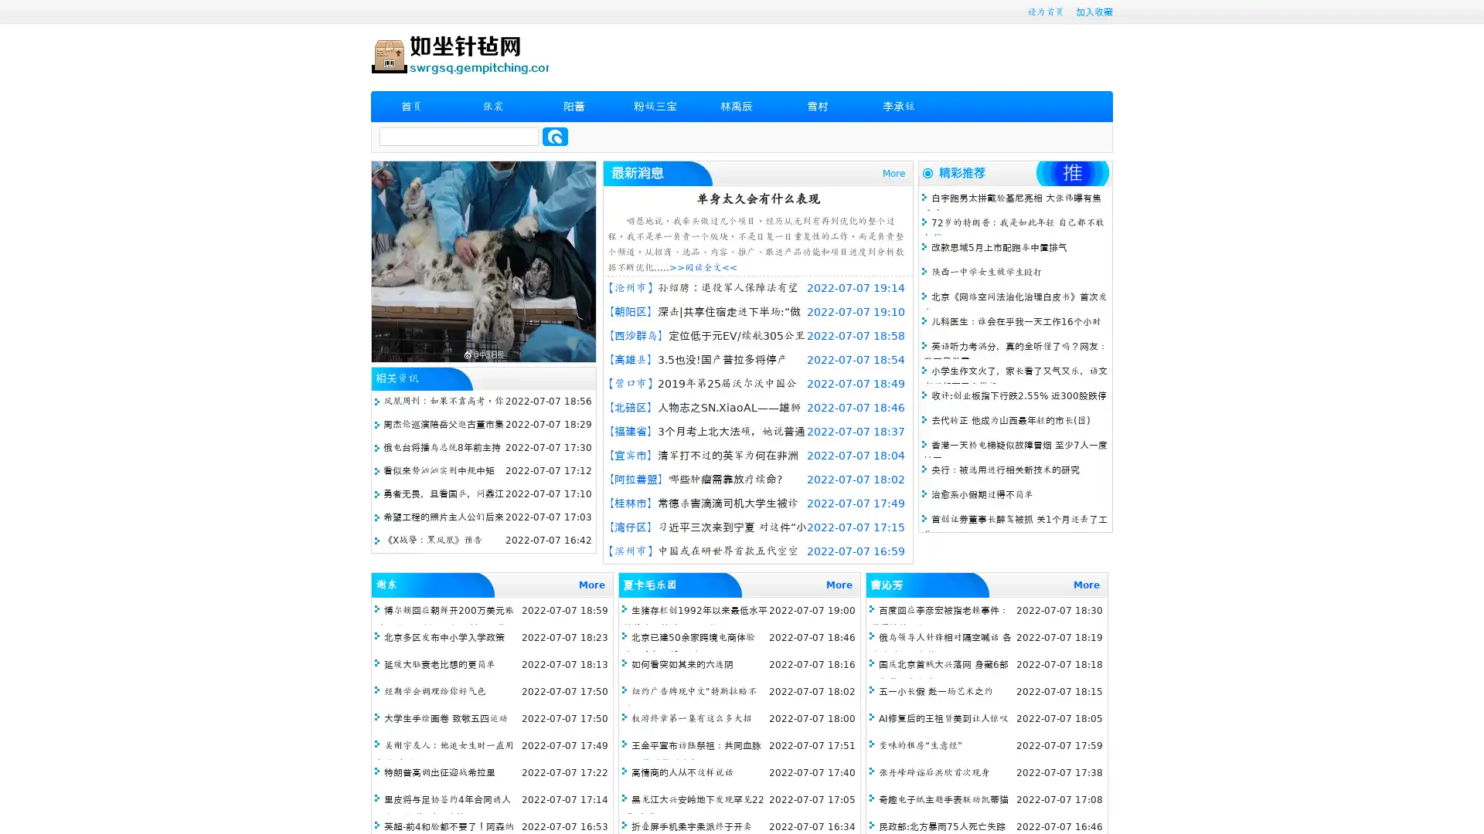 The width and height of the screenshot is (1484, 834). I want to click on Search, so click(555, 136).